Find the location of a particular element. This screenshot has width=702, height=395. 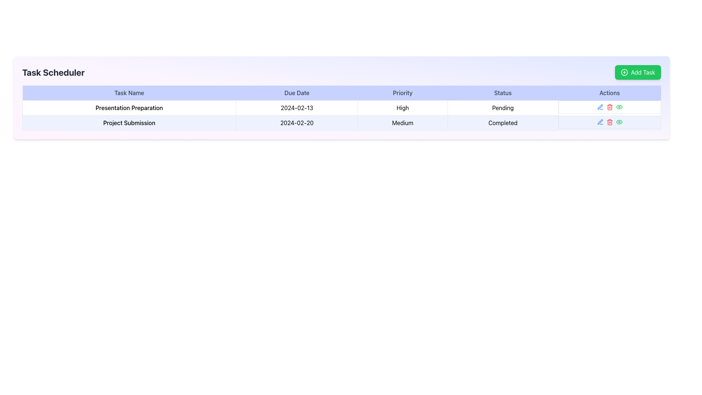

the table header row located beneath 'Task Scheduler' to navigate through the columns labeled 'Task Name', 'Due Date', 'Priority', 'Status', and 'Actions' is located at coordinates (341, 93).